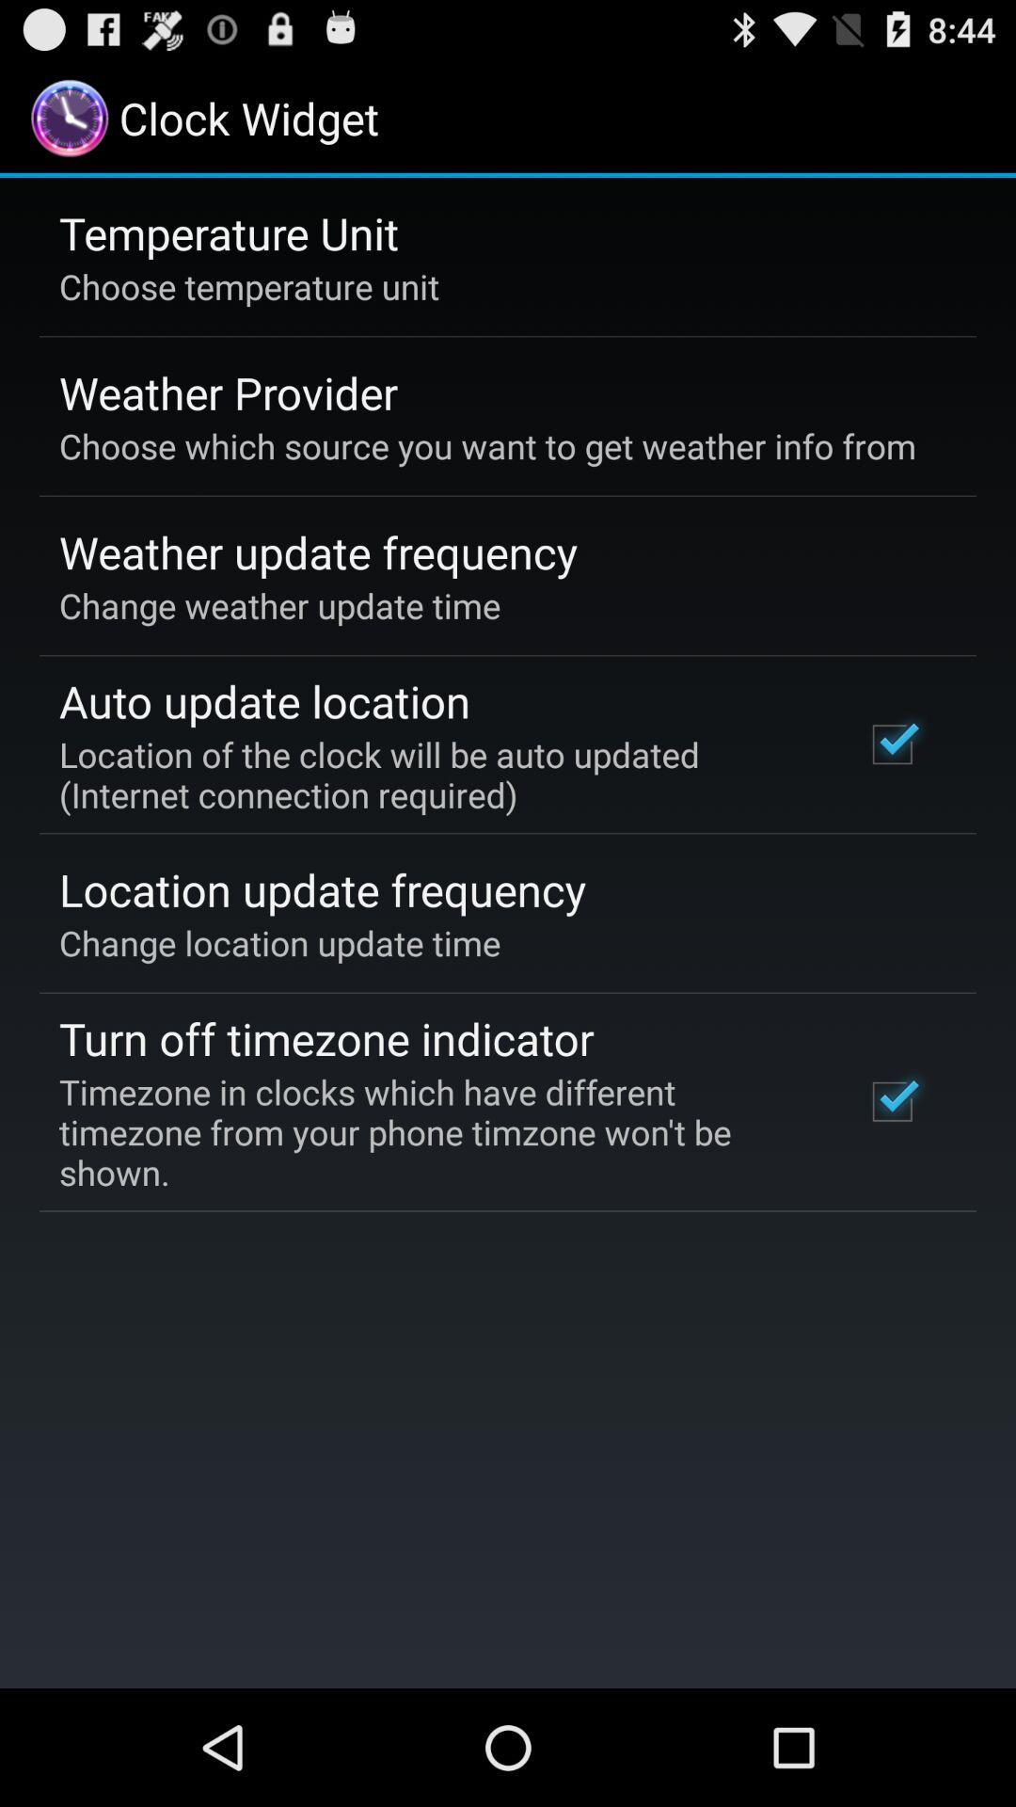 The width and height of the screenshot is (1016, 1807). I want to click on the app at the top, so click(486, 445).